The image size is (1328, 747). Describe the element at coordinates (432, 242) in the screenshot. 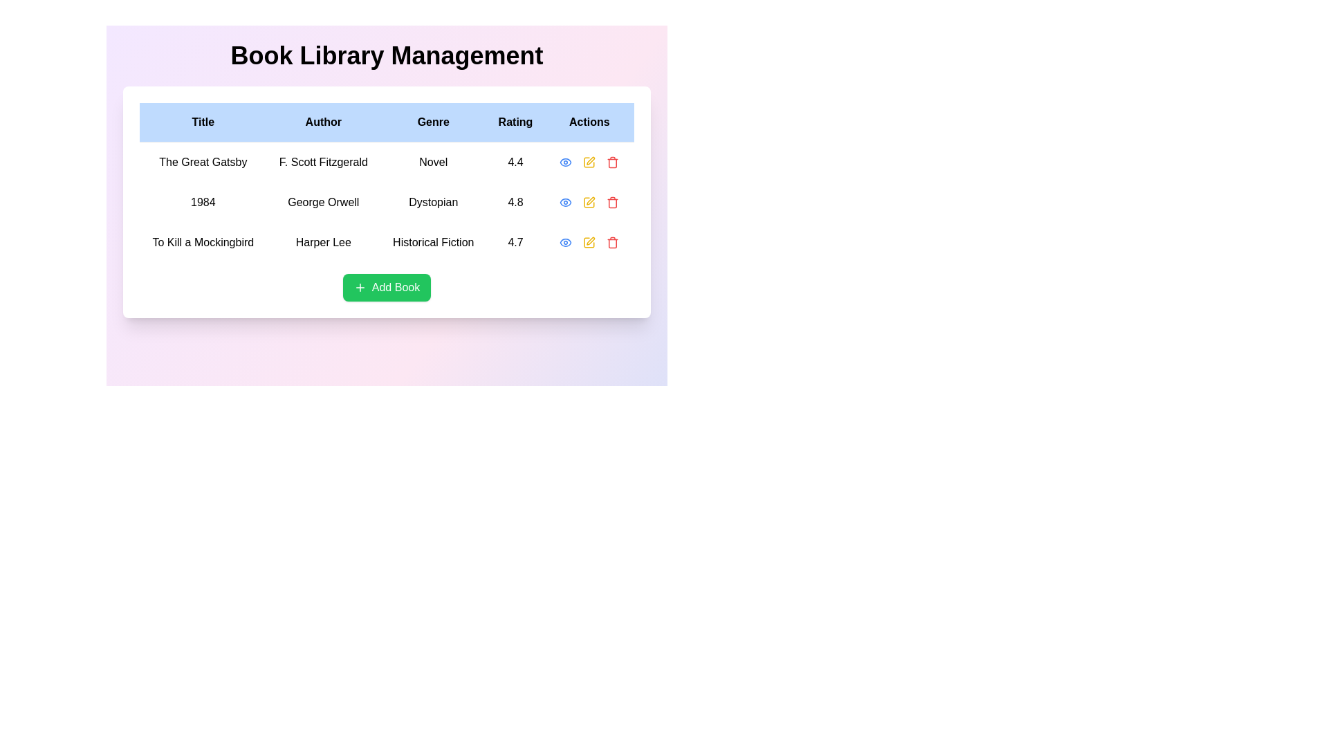

I see `the Genre text display for the book 'To Kill a Mockingbird'` at that location.